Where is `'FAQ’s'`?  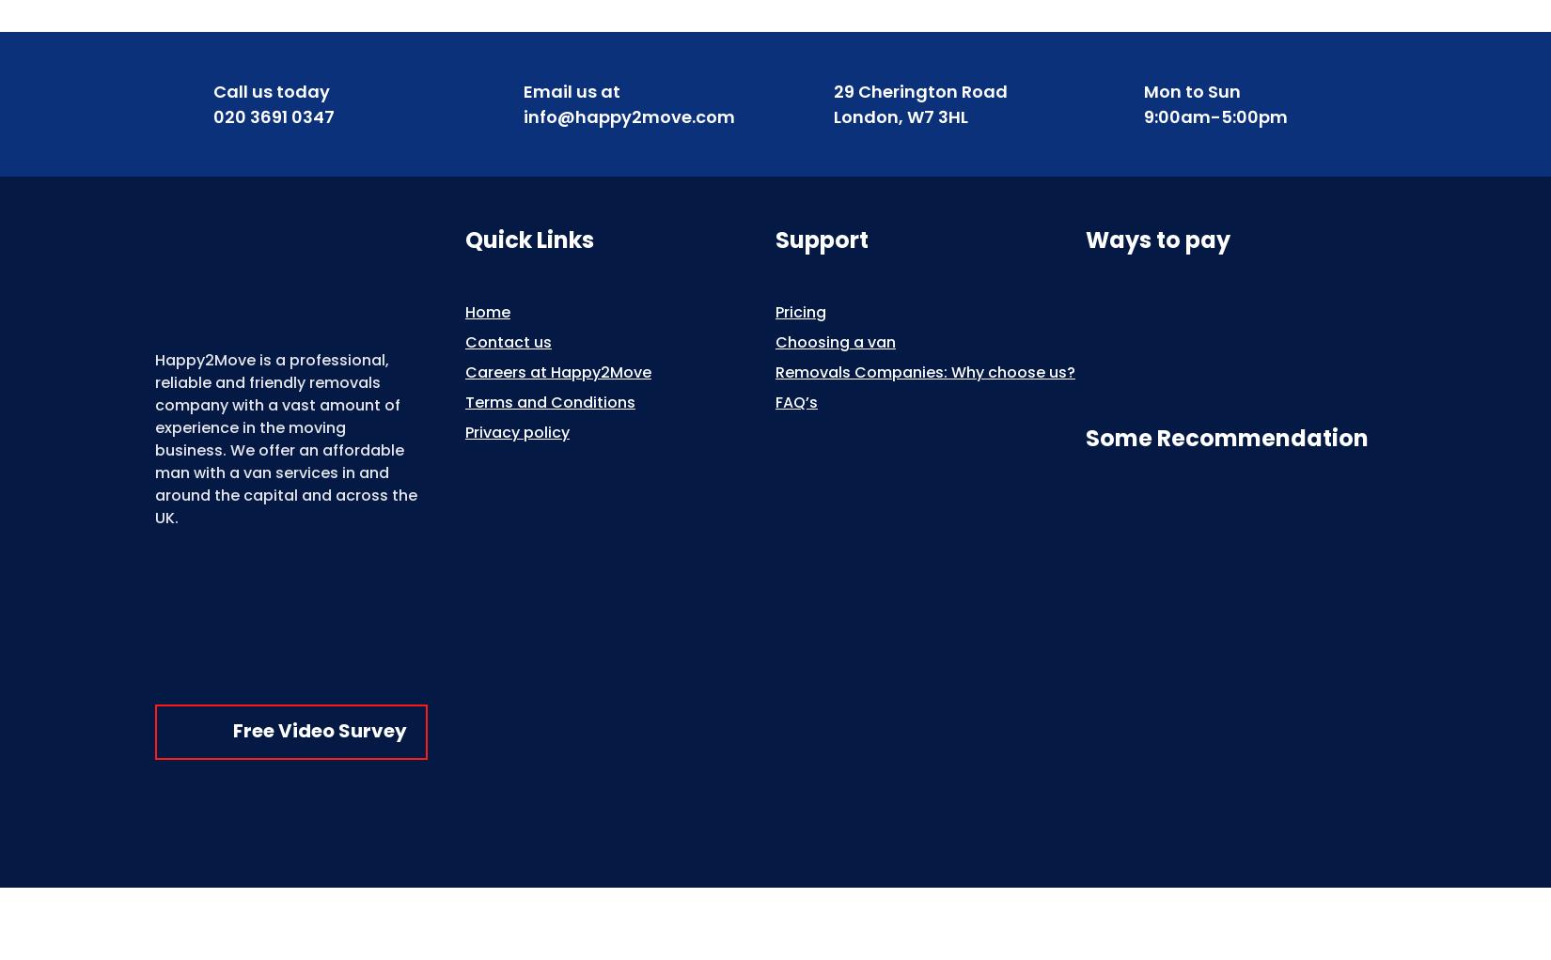 'FAQ’s' is located at coordinates (775, 402).